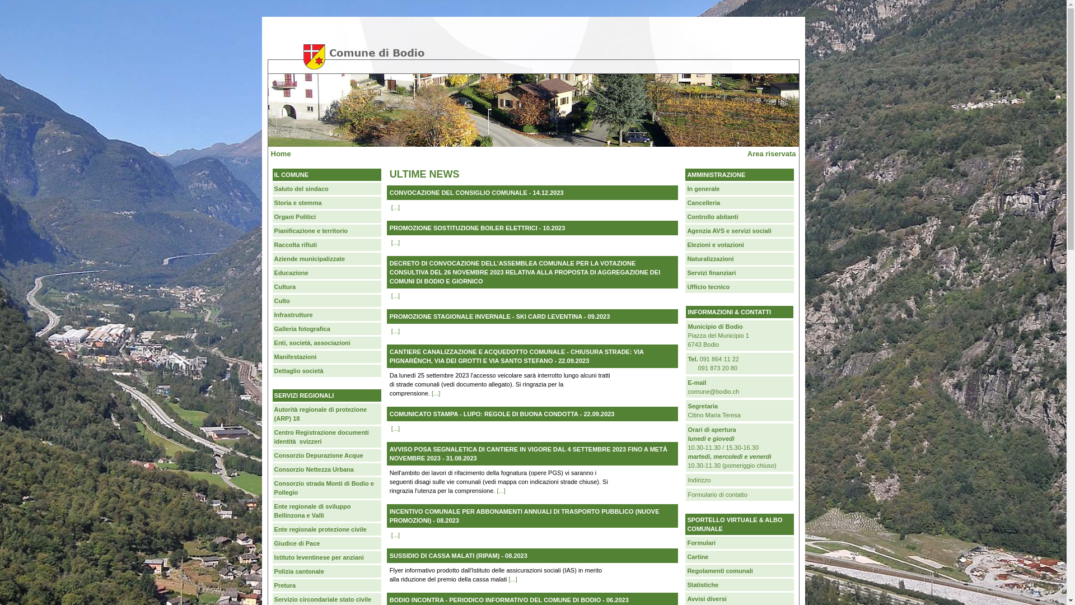 The image size is (1075, 605). What do you see at coordinates (739, 494) in the screenshot?
I see `'Formulario di contatto'` at bounding box center [739, 494].